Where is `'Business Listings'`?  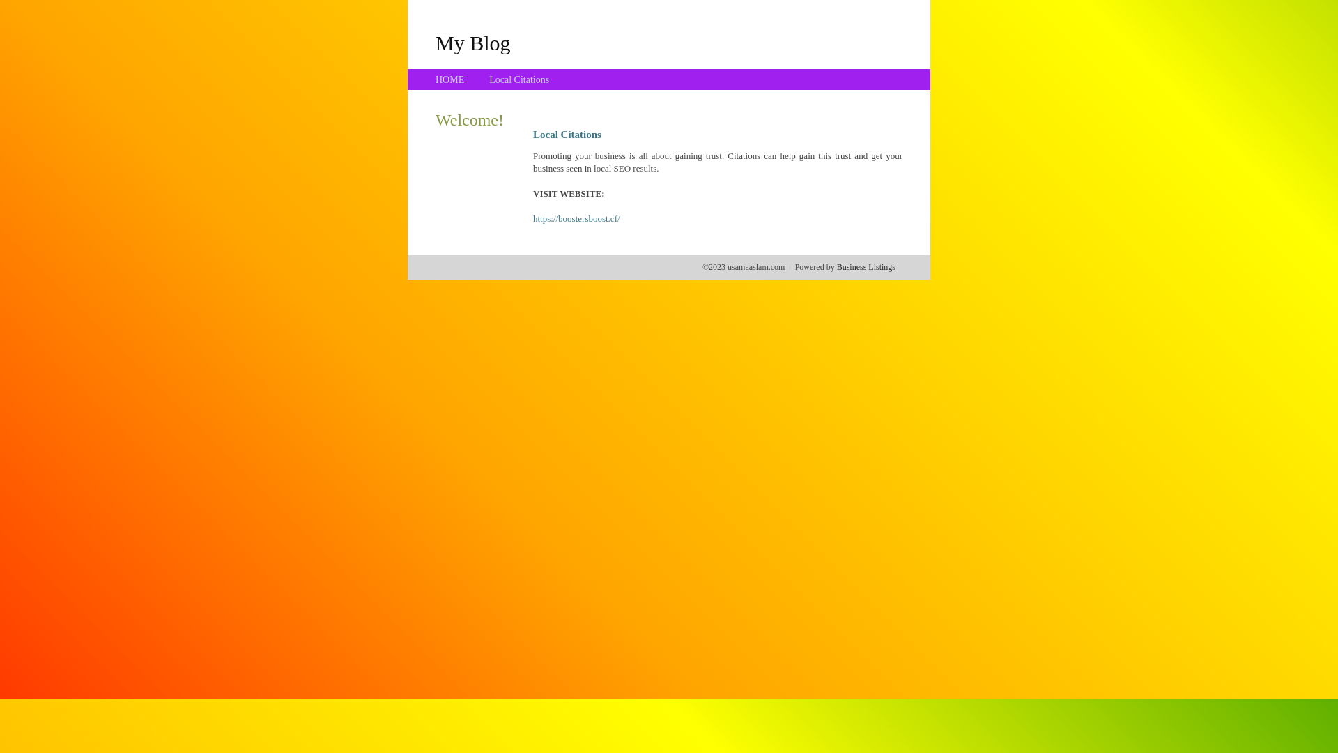 'Business Listings' is located at coordinates (866, 266).